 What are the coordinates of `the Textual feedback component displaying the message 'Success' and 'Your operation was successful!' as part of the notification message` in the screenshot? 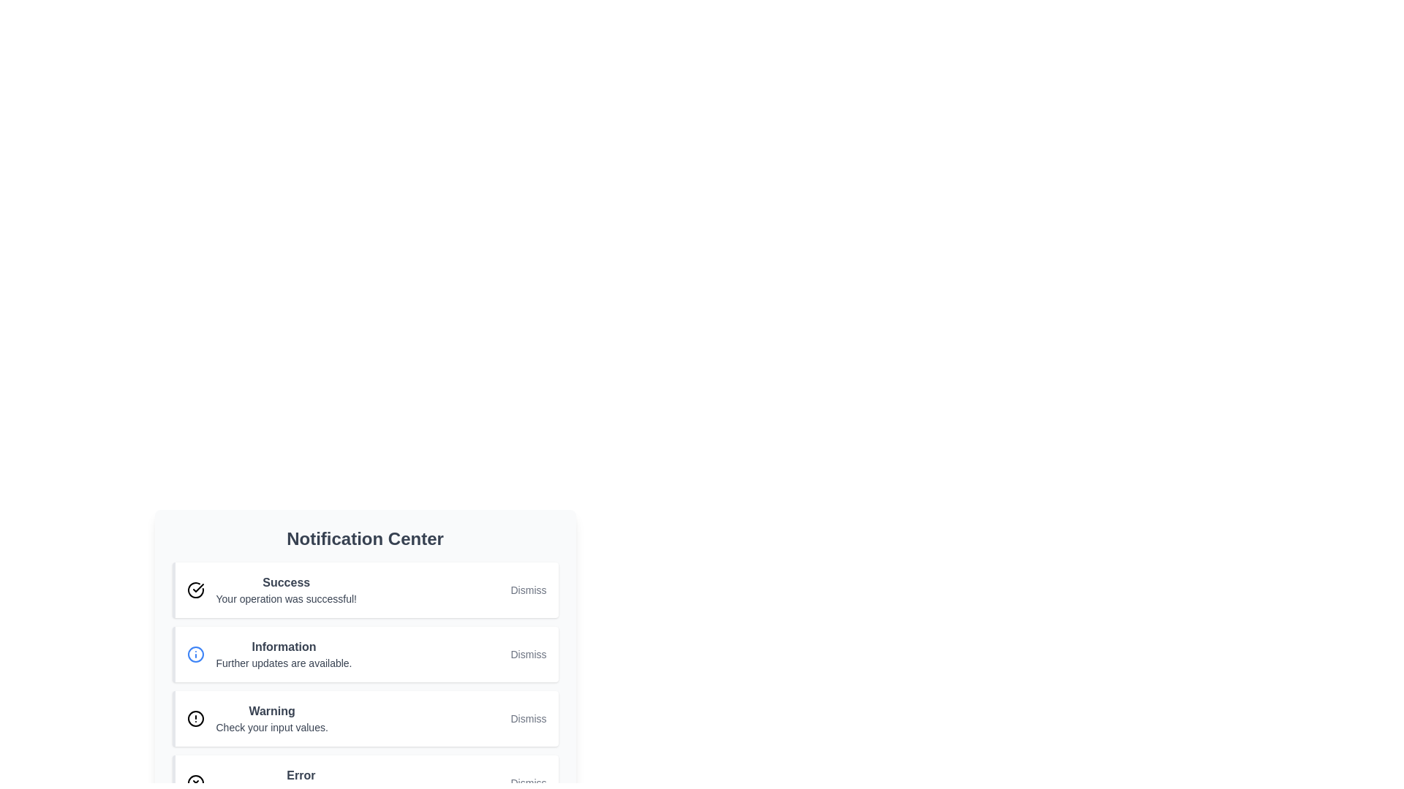 It's located at (286, 589).